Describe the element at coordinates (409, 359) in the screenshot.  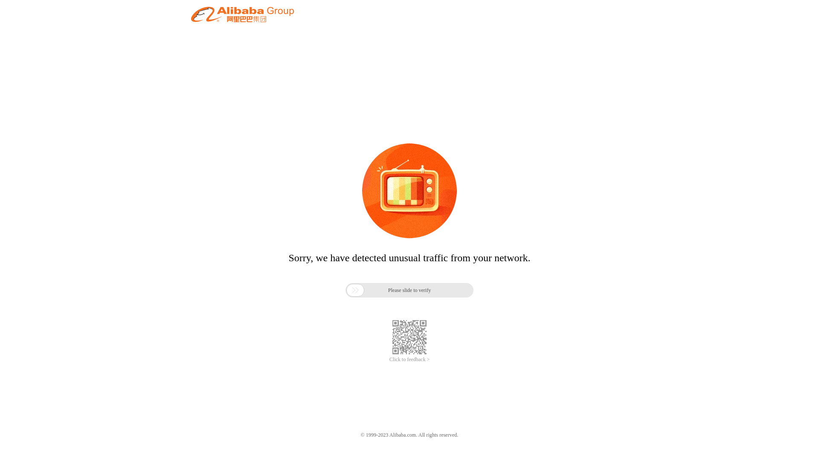
I see `'Click to feedback >'` at that location.